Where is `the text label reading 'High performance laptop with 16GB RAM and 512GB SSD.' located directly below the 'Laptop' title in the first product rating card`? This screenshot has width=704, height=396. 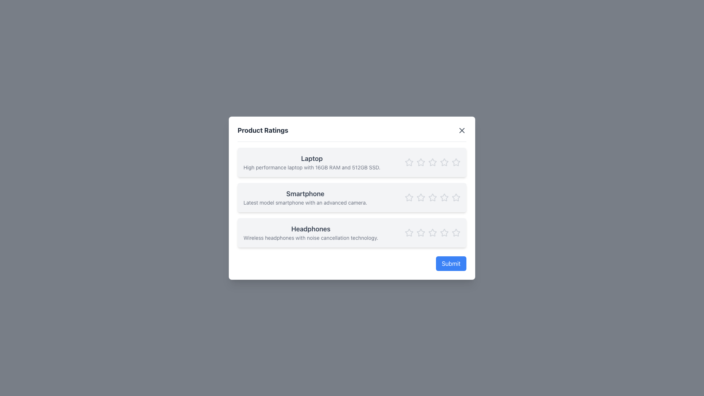
the text label reading 'High performance laptop with 16GB RAM and 512GB SSD.' located directly below the 'Laptop' title in the first product rating card is located at coordinates (312, 167).